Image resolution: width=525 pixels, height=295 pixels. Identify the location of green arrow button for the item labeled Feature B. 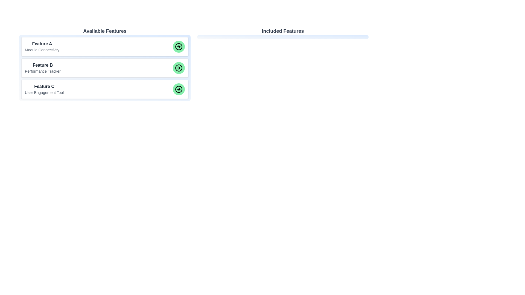
(179, 68).